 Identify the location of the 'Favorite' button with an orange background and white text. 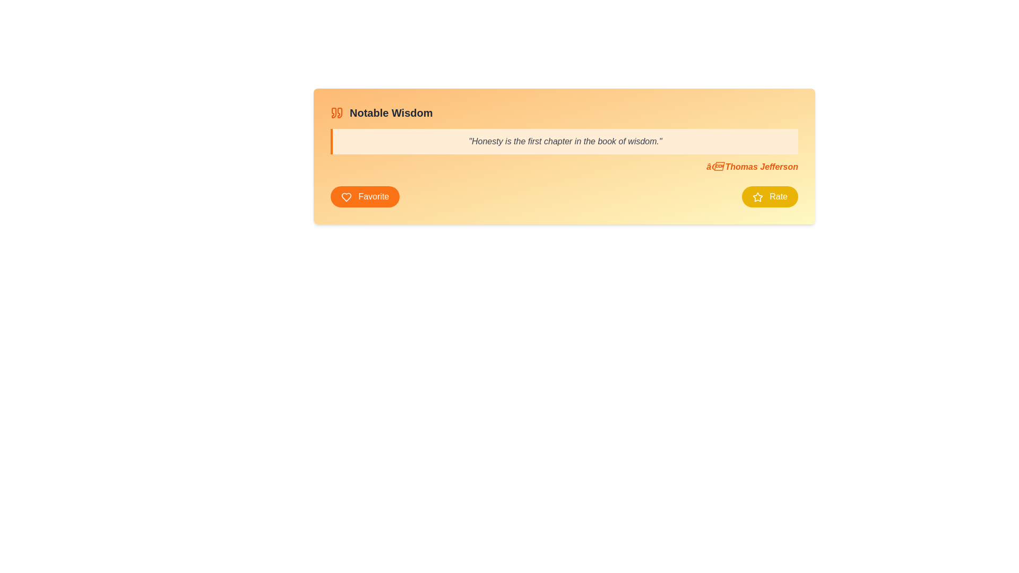
(365, 196).